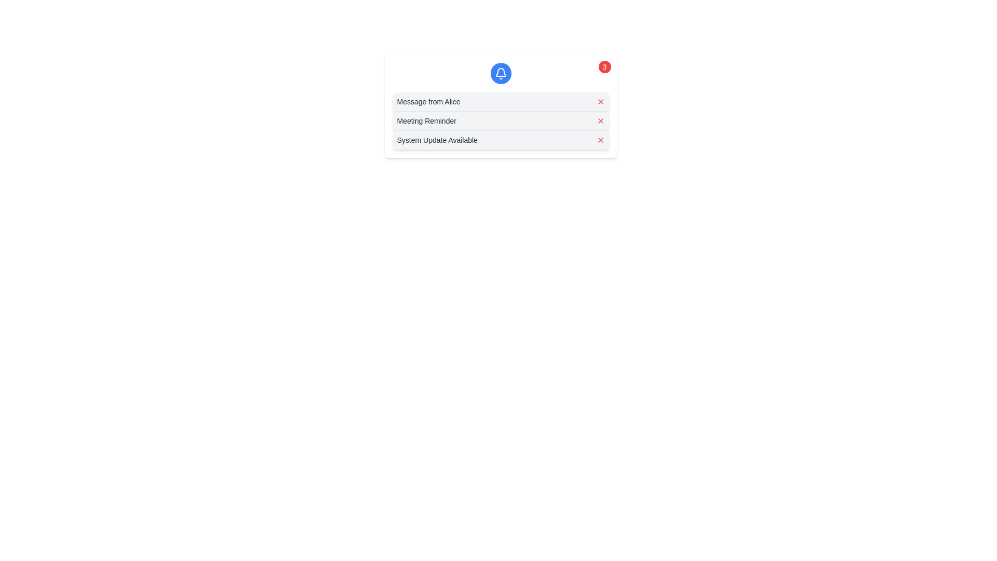  I want to click on the dismiss button for the 'Meeting Reminder' notification, so click(600, 120).